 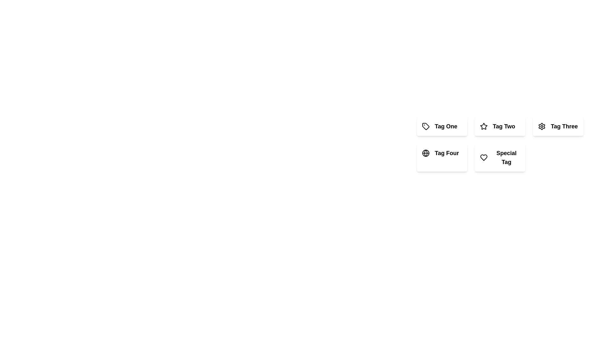 I want to click on the small tag-shaped icon with a clear black outline, positioned to the left of the text 'Tag One', so click(x=426, y=126).